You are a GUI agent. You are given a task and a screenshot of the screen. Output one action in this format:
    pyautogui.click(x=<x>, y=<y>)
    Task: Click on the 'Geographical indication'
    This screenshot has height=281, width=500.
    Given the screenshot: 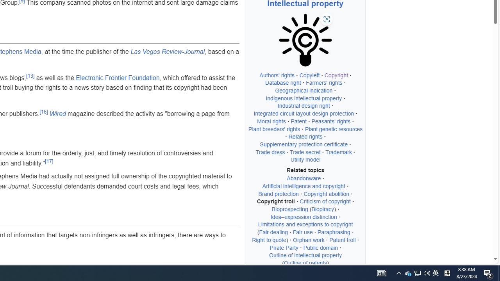 What is the action you would take?
    pyautogui.click(x=304, y=90)
    